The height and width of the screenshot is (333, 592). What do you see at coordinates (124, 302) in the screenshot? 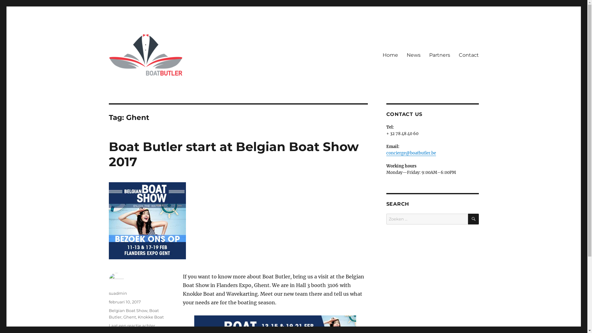
I see `'februari 10, 2017'` at bounding box center [124, 302].